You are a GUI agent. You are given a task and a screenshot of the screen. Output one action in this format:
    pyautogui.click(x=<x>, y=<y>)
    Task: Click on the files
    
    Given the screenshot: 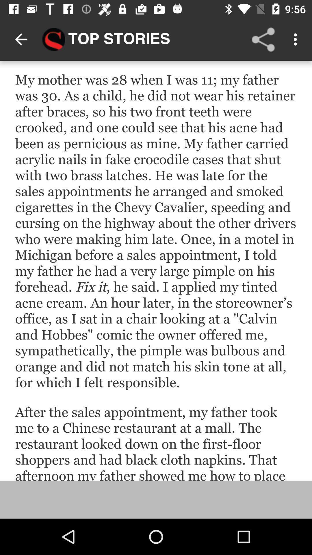 What is the action you would take?
    pyautogui.click(x=156, y=270)
    